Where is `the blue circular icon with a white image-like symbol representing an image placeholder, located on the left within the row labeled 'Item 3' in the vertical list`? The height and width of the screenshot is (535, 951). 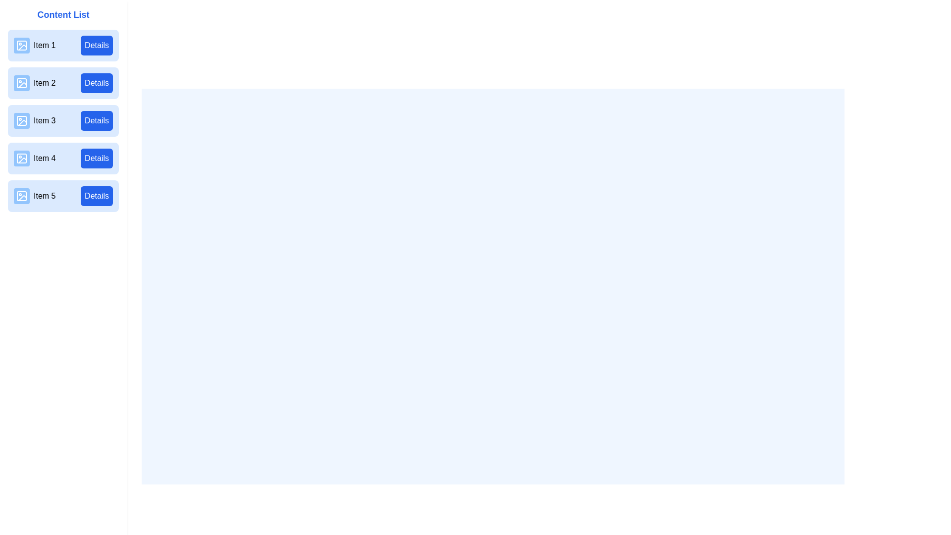 the blue circular icon with a white image-like symbol representing an image placeholder, located on the left within the row labeled 'Item 3' in the vertical list is located at coordinates (21, 120).